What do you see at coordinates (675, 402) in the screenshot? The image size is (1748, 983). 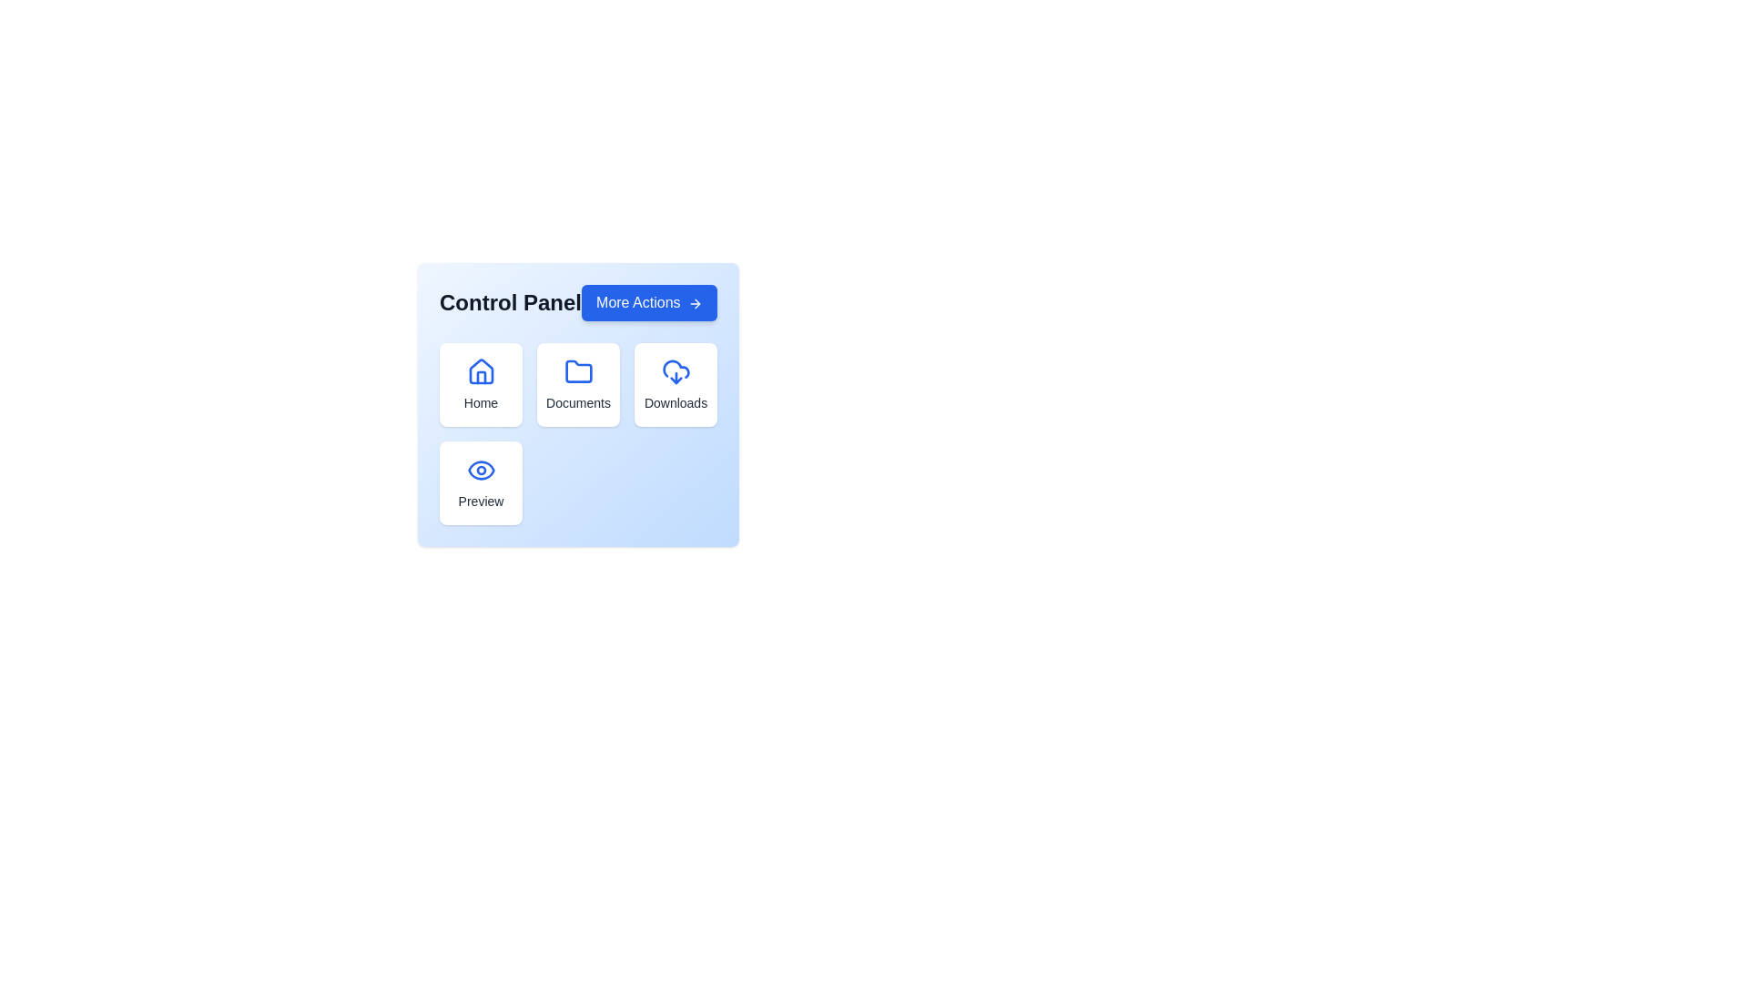 I see `the label indicating the purpose of the associated card for managing or accessing downloads, located` at bounding box center [675, 402].